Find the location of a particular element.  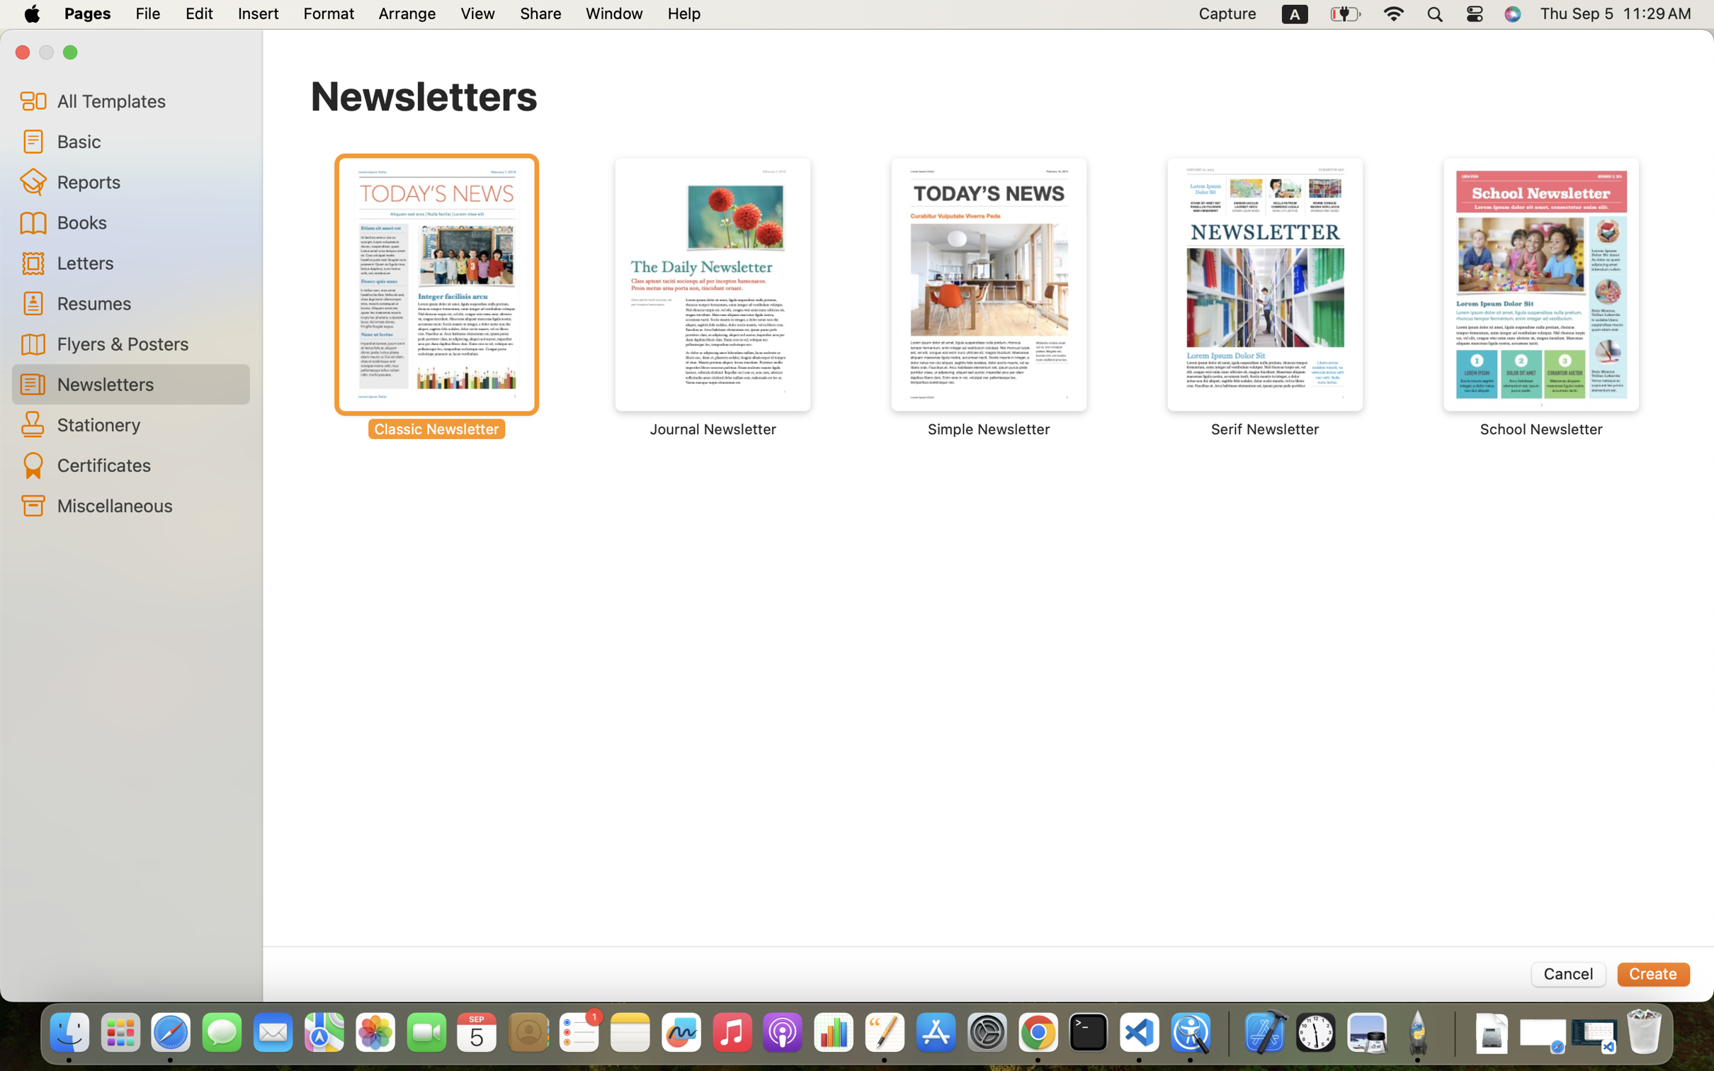

'Miscellaneous' is located at coordinates (147, 504).